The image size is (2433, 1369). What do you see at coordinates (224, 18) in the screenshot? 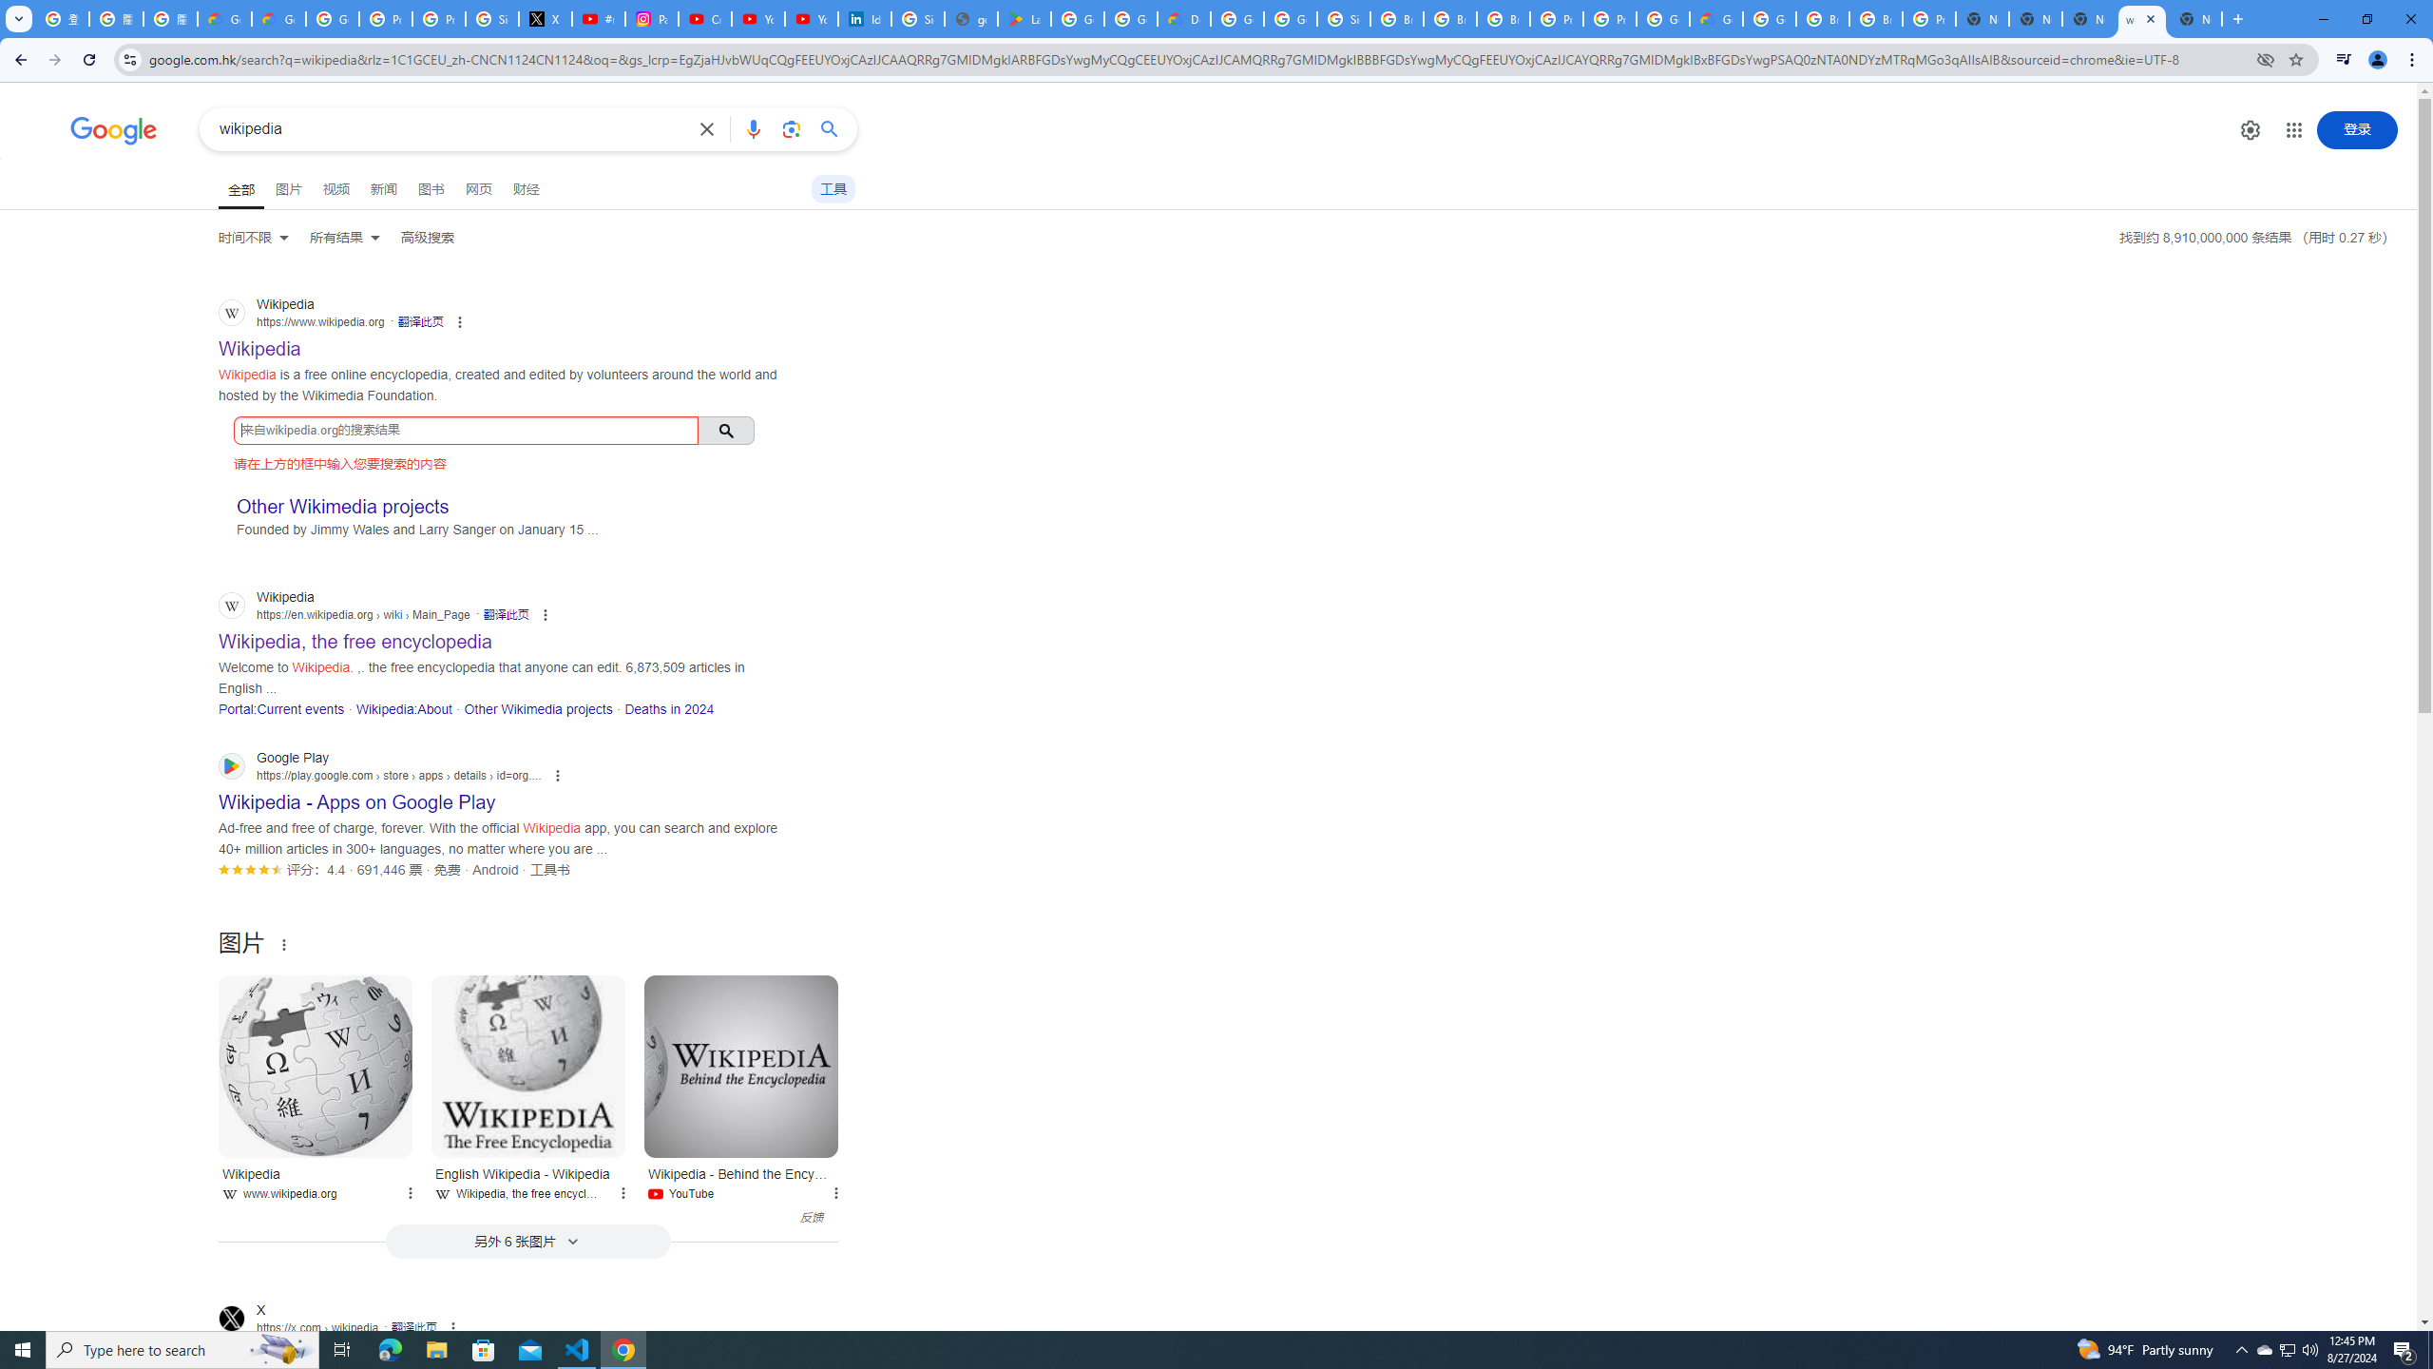
I see `'Google Cloud Privacy Notice'` at bounding box center [224, 18].